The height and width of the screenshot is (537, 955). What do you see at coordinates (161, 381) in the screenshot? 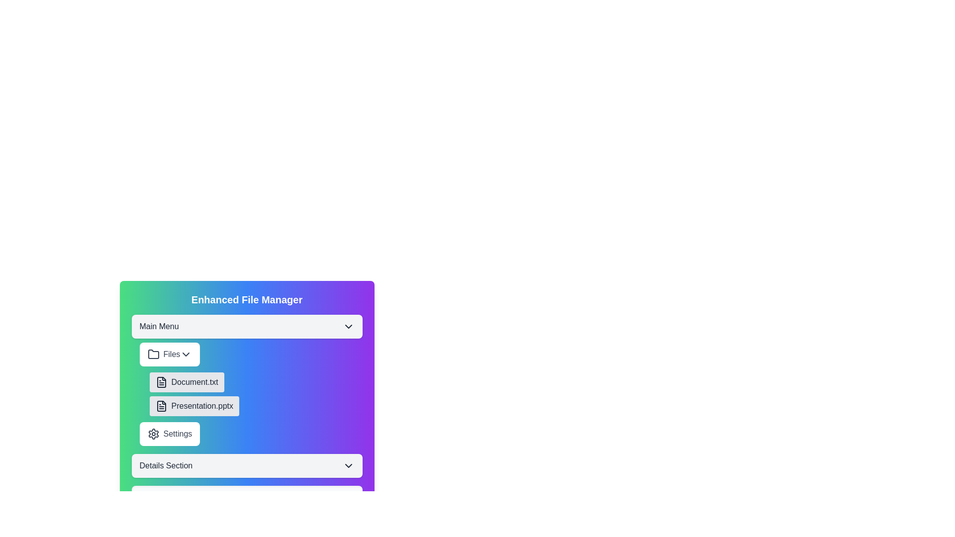
I see `the document icon representing 'Document.txt' by hovering over it` at bounding box center [161, 381].